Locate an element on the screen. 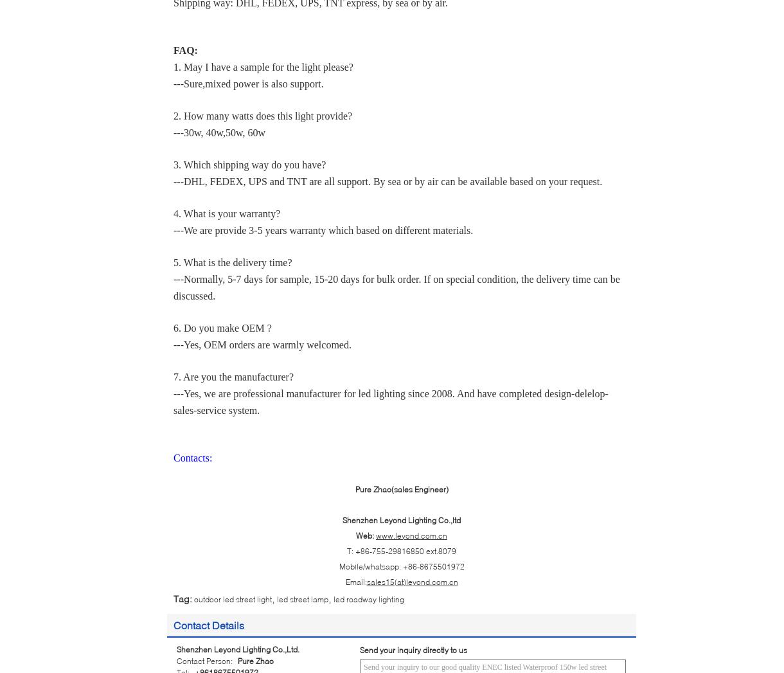 The height and width of the screenshot is (673, 784). 'www.leyond.com.cn' is located at coordinates (411, 535).